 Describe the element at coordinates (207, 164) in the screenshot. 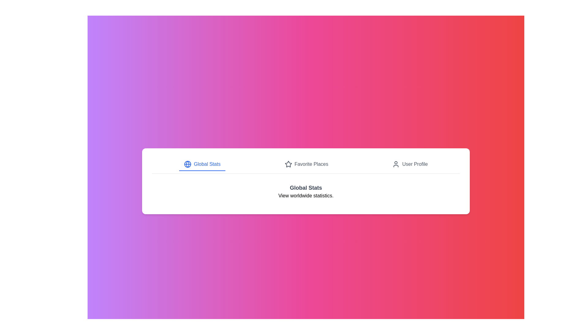

I see `the 'Global Stats' text label, which is styled in blue and positioned next to a globe icon in the navigation bar` at that location.